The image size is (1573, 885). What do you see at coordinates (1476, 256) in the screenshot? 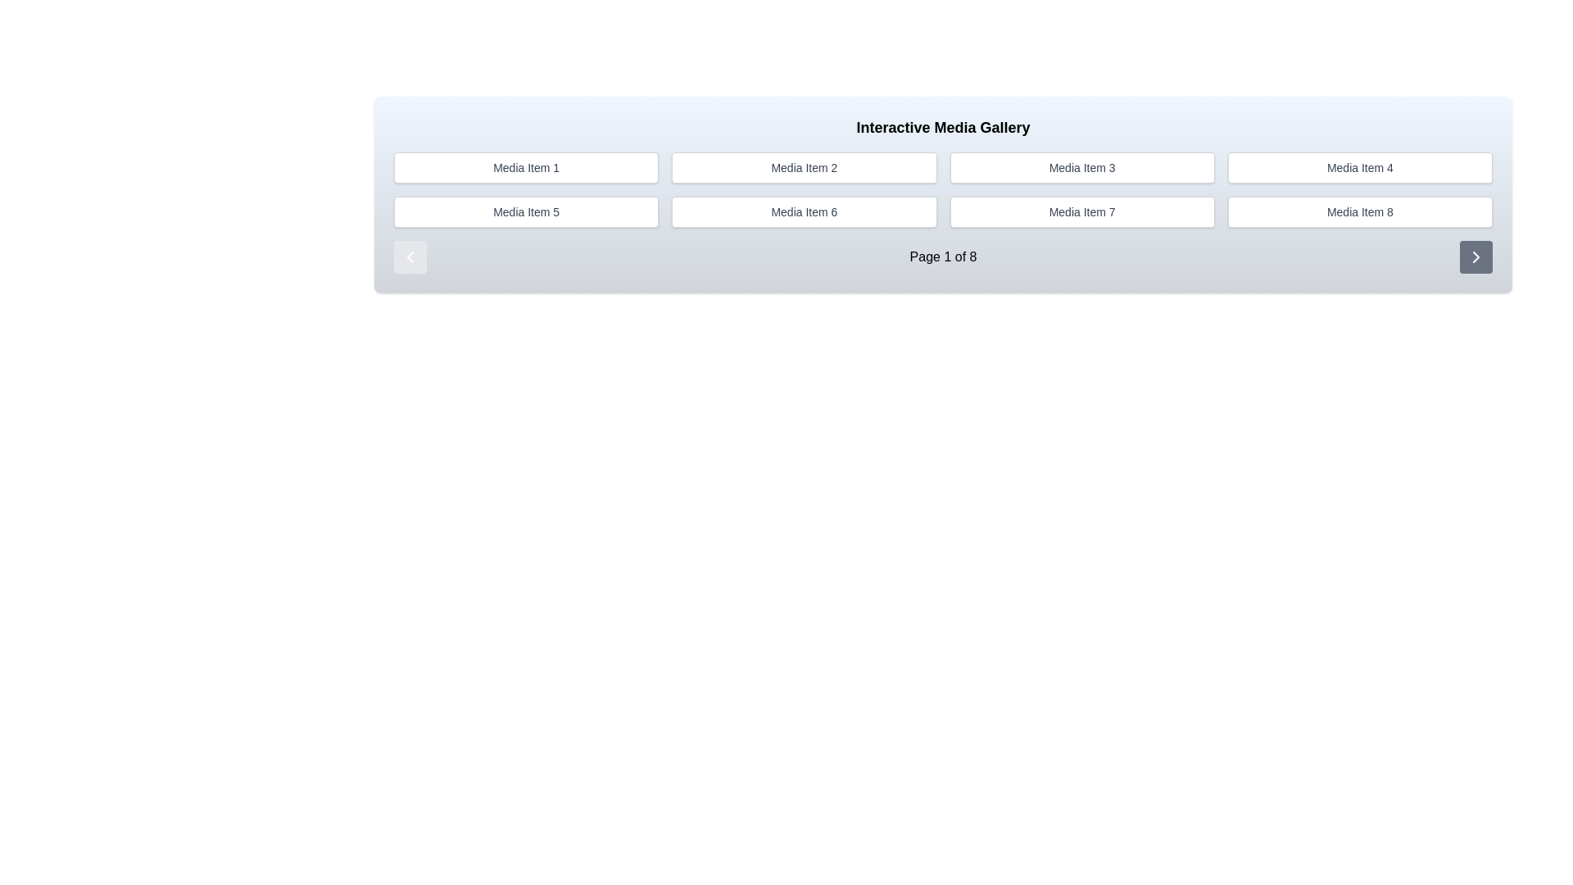
I see `the navigation icon located in the bottom-right corner of the interface to move to the next page in the media gallery` at bounding box center [1476, 256].